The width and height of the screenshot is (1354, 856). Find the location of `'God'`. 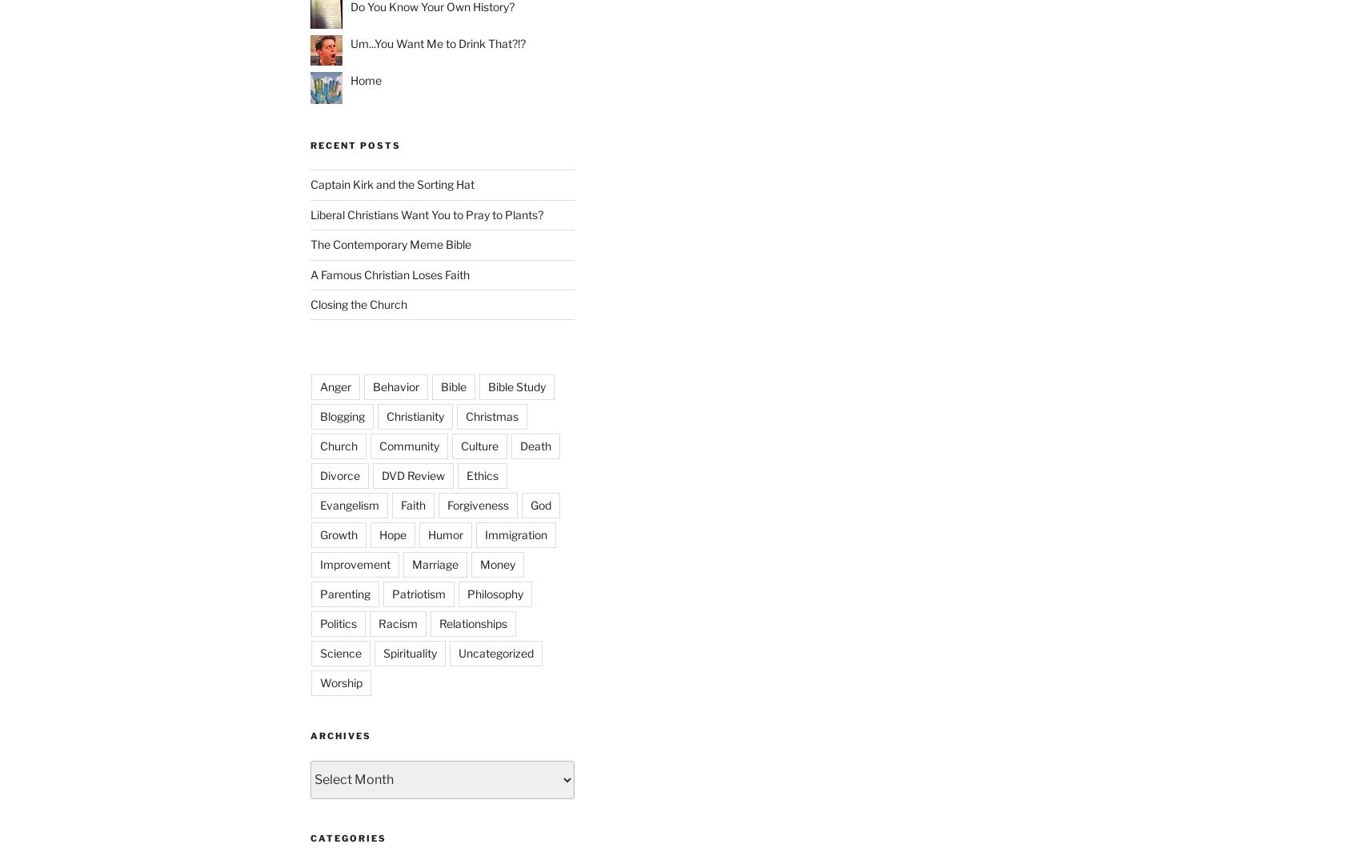

'God' is located at coordinates (530, 505).